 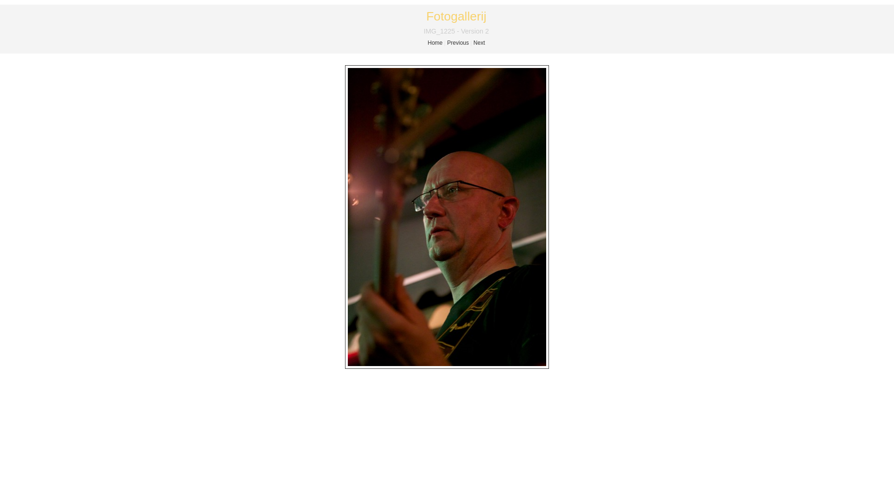 I want to click on 'Previous', so click(x=458, y=43).